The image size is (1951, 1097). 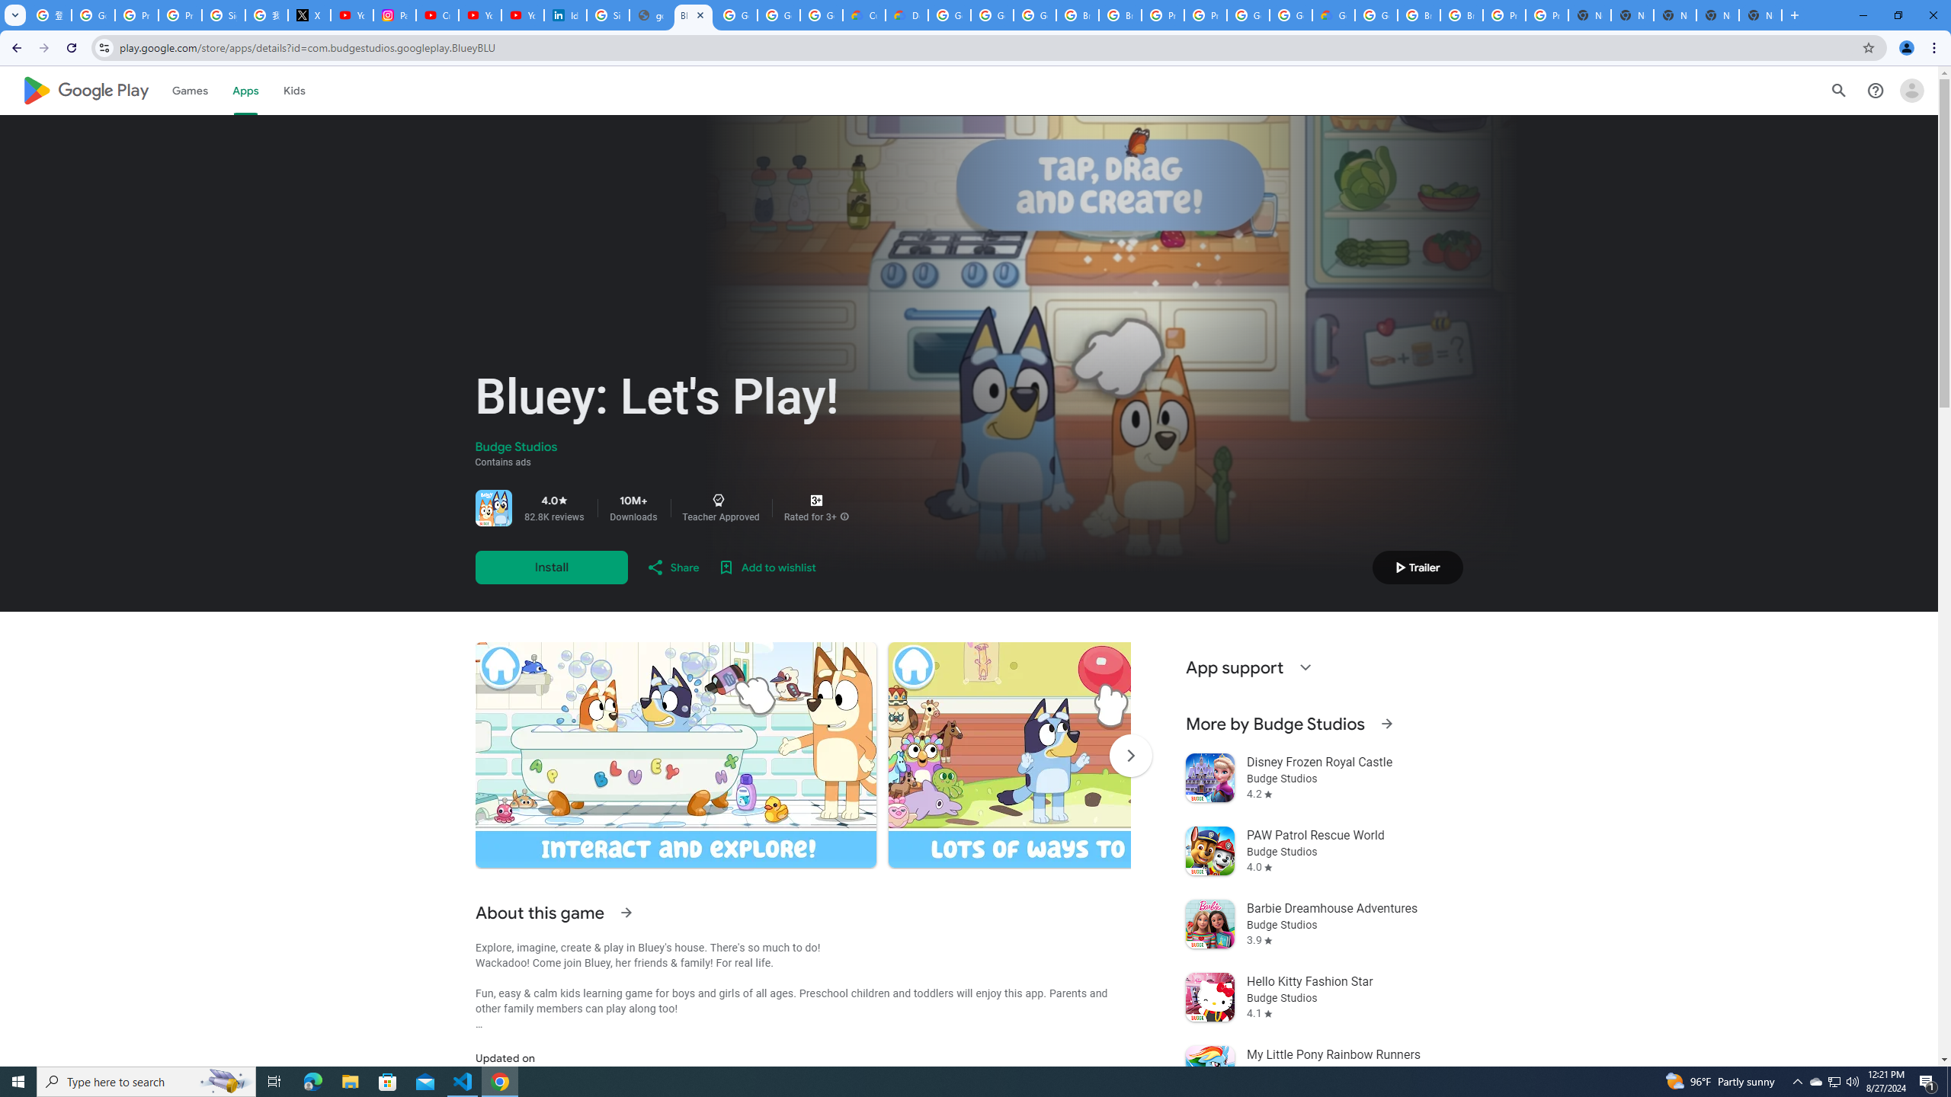 What do you see at coordinates (1332, 14) in the screenshot?
I see `'Google Cloud Estimate Summary'` at bounding box center [1332, 14].